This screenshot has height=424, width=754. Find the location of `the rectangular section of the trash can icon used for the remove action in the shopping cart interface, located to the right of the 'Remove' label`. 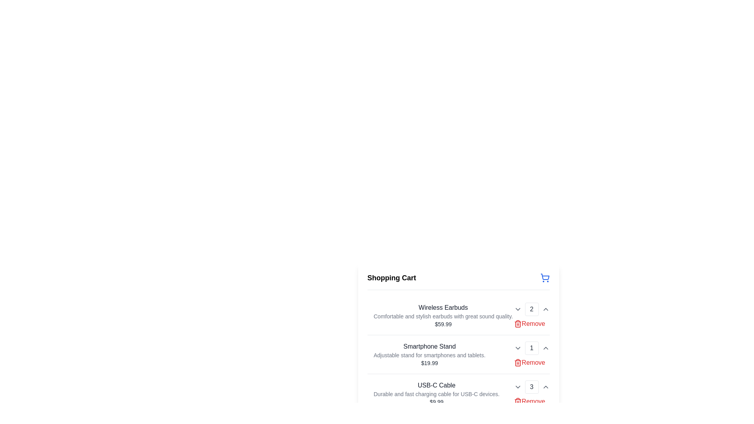

the rectangular section of the trash can icon used for the remove action in the shopping cart interface, located to the right of the 'Remove' label is located at coordinates (518, 402).